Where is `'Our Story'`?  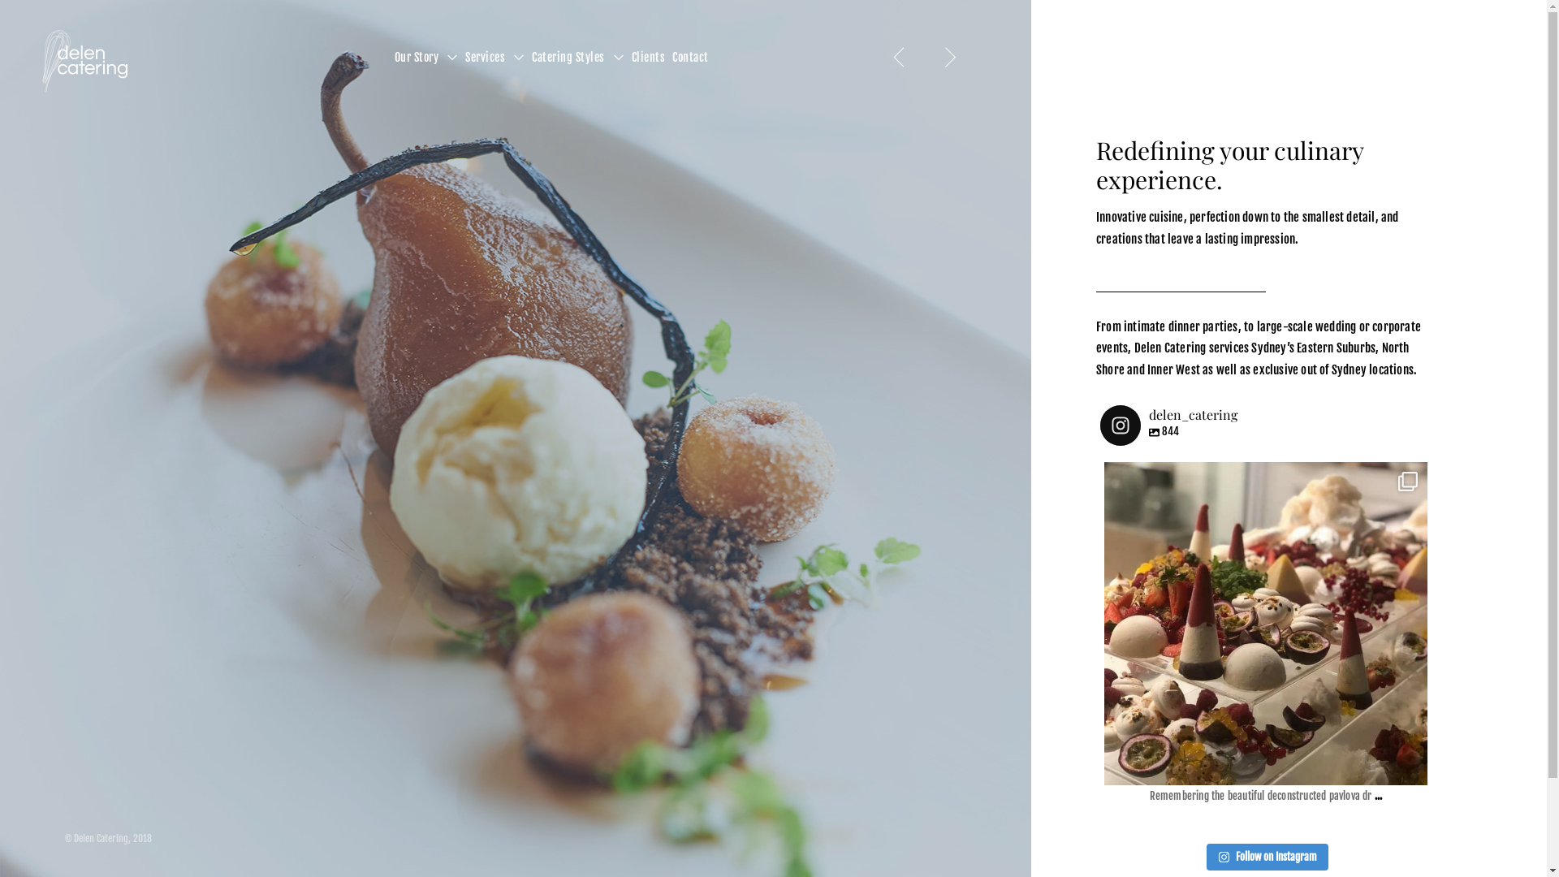 'Our Story' is located at coordinates (394, 58).